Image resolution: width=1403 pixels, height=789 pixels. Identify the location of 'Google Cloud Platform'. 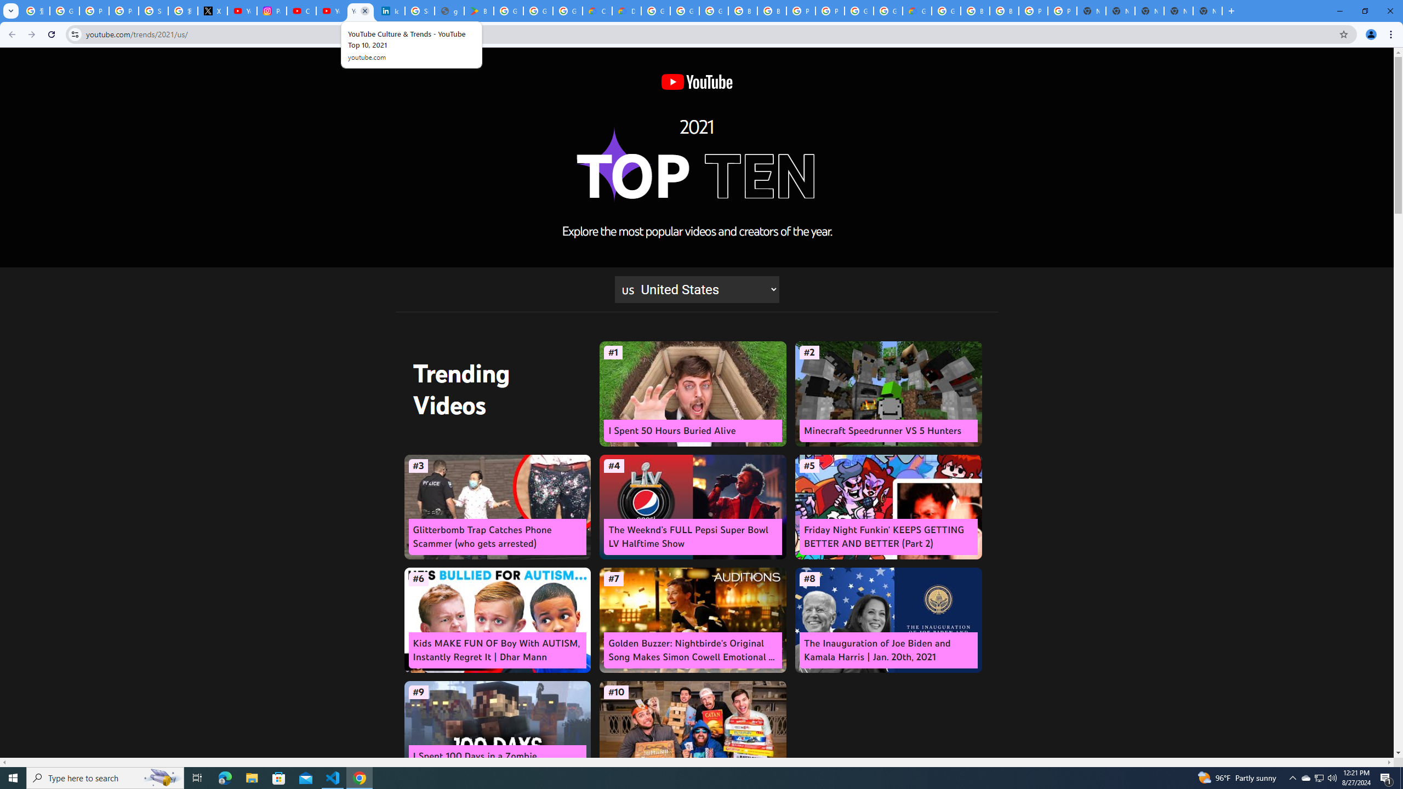
(887, 10).